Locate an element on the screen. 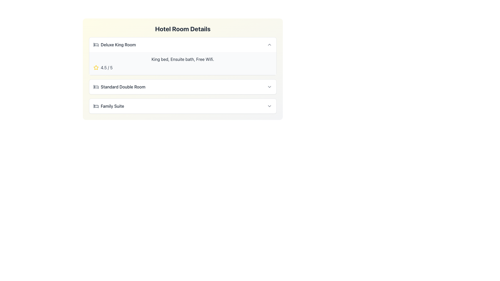 Image resolution: width=500 pixels, height=281 pixels. the Rating Indicator for the 'Deluxe King Room', which visually represents the user rating and is located below the textual description in the central part of the section is located at coordinates (183, 67).